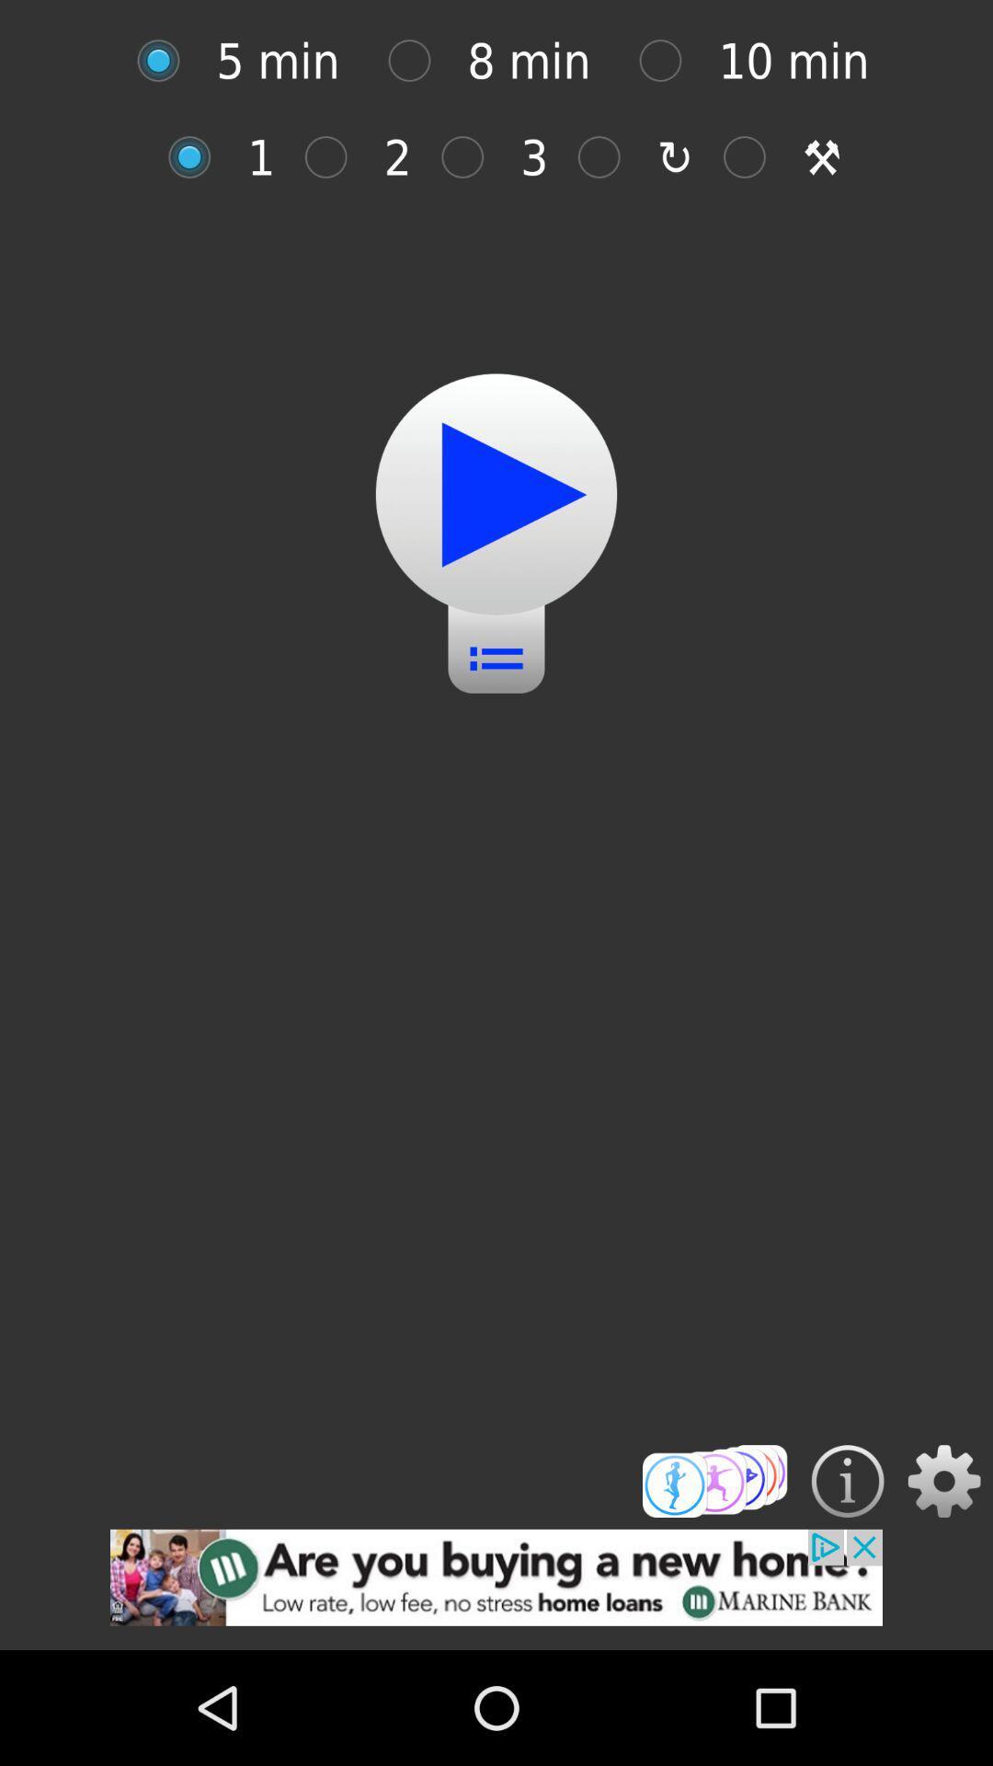  What do you see at coordinates (418, 61) in the screenshot?
I see `click on icon` at bounding box center [418, 61].